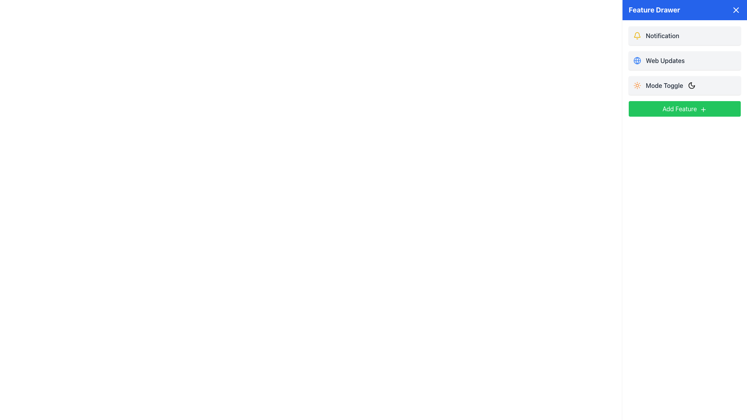 The image size is (747, 420). I want to click on the third item in the vertical stack of the side panel layout, which serves as a mode toggler for UI display modes, so click(685, 85).